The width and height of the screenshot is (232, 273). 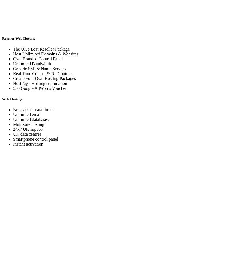 I want to click on 'HostPay - Hosting Automation', so click(x=40, y=83).